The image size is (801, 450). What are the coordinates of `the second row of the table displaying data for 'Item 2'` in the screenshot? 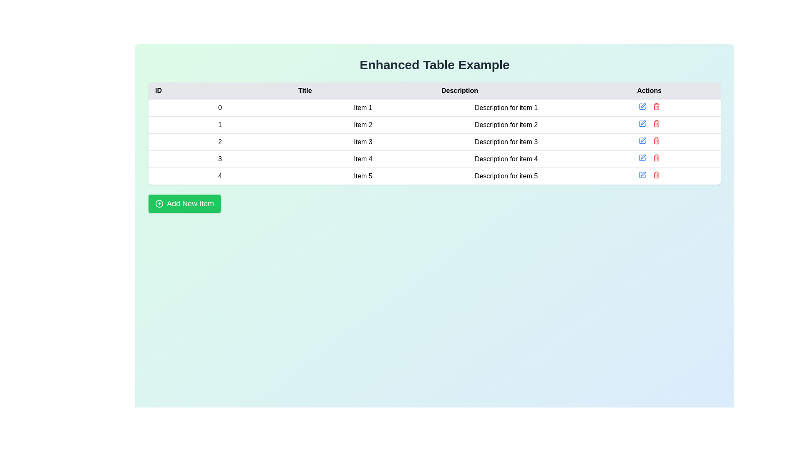 It's located at (434, 125).